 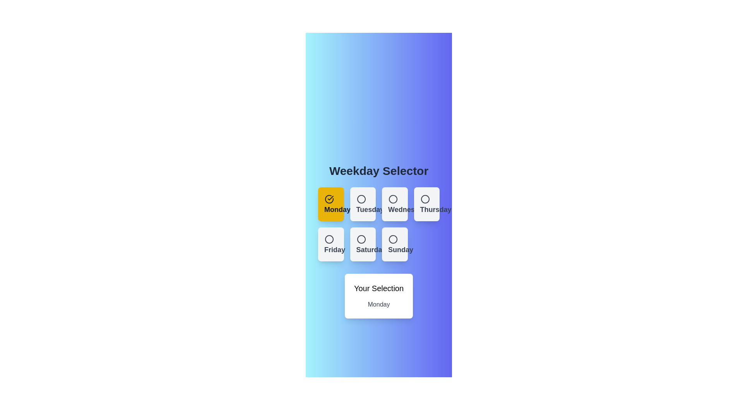 What do you see at coordinates (426, 203) in the screenshot?
I see `the button corresponding to Thursday` at bounding box center [426, 203].